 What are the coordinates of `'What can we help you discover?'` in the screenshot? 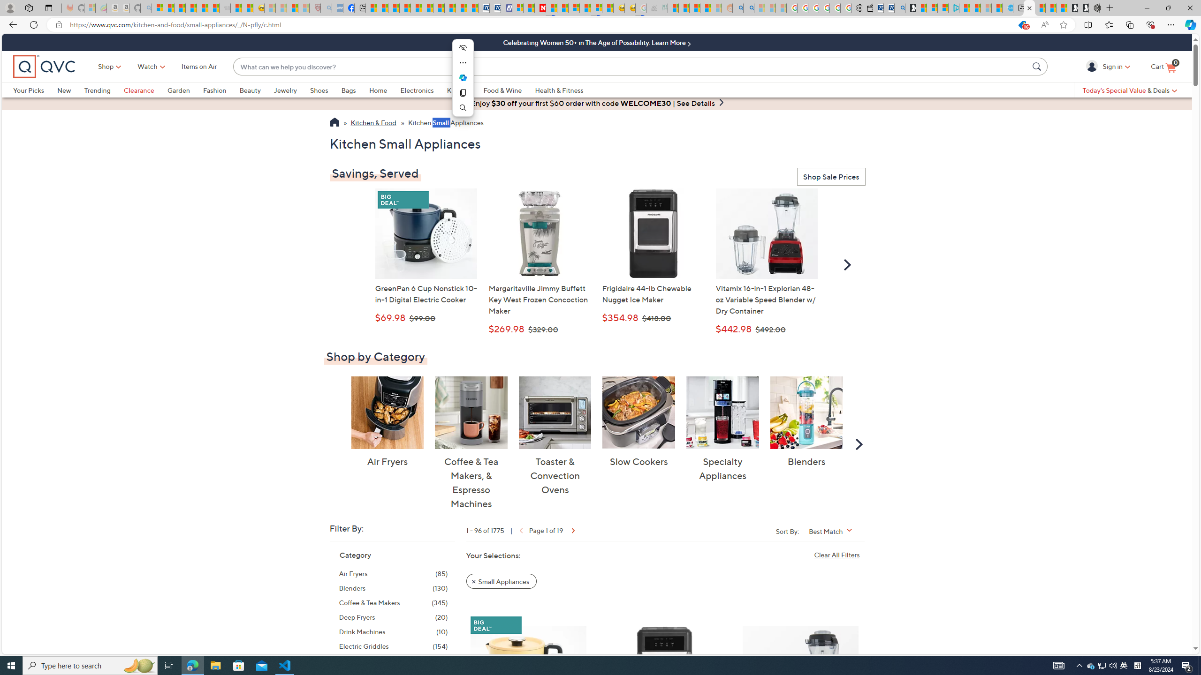 It's located at (631, 66).